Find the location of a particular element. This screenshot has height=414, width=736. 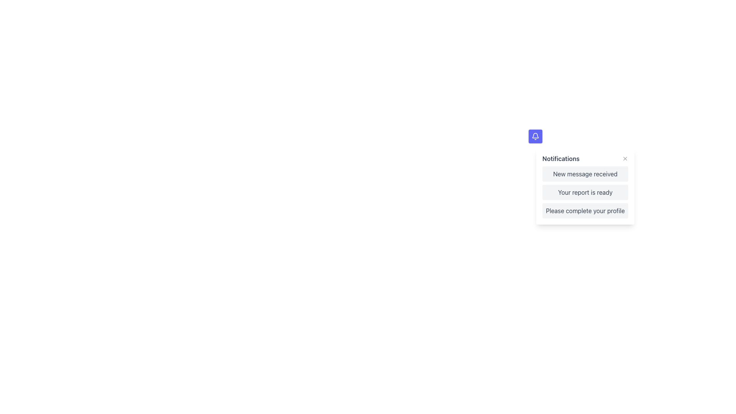

the static text notification displaying 'New message received' located in the Notifications panel is located at coordinates (585, 174).